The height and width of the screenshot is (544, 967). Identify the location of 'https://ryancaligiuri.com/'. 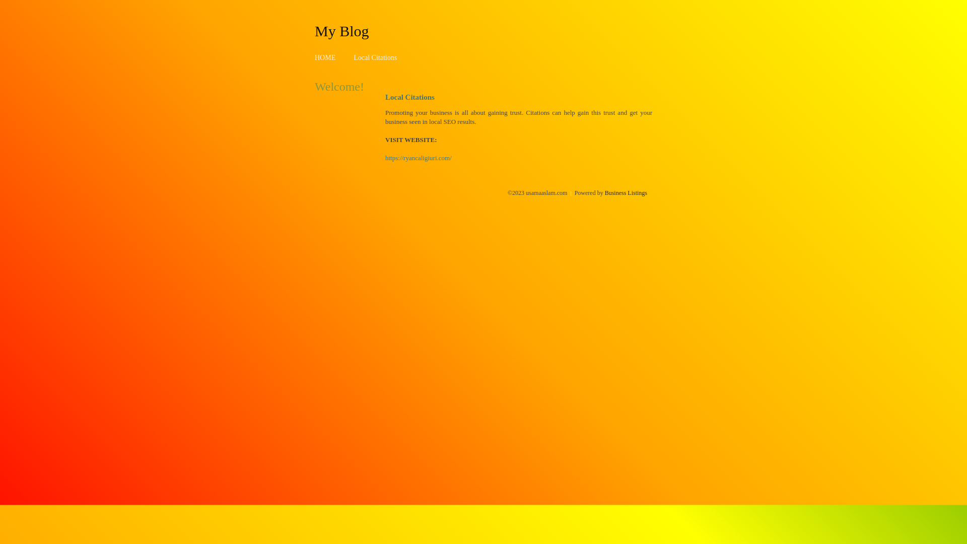
(418, 158).